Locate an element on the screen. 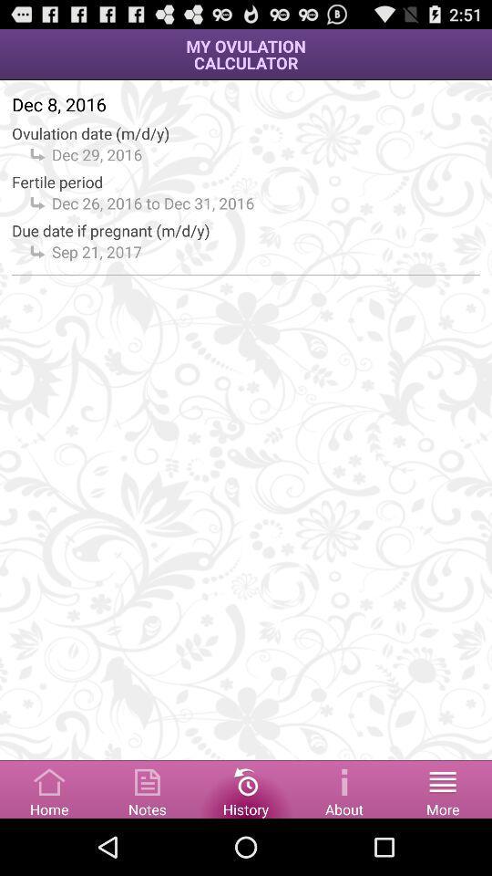 The image size is (492, 876). about icon is located at coordinates (344, 787).